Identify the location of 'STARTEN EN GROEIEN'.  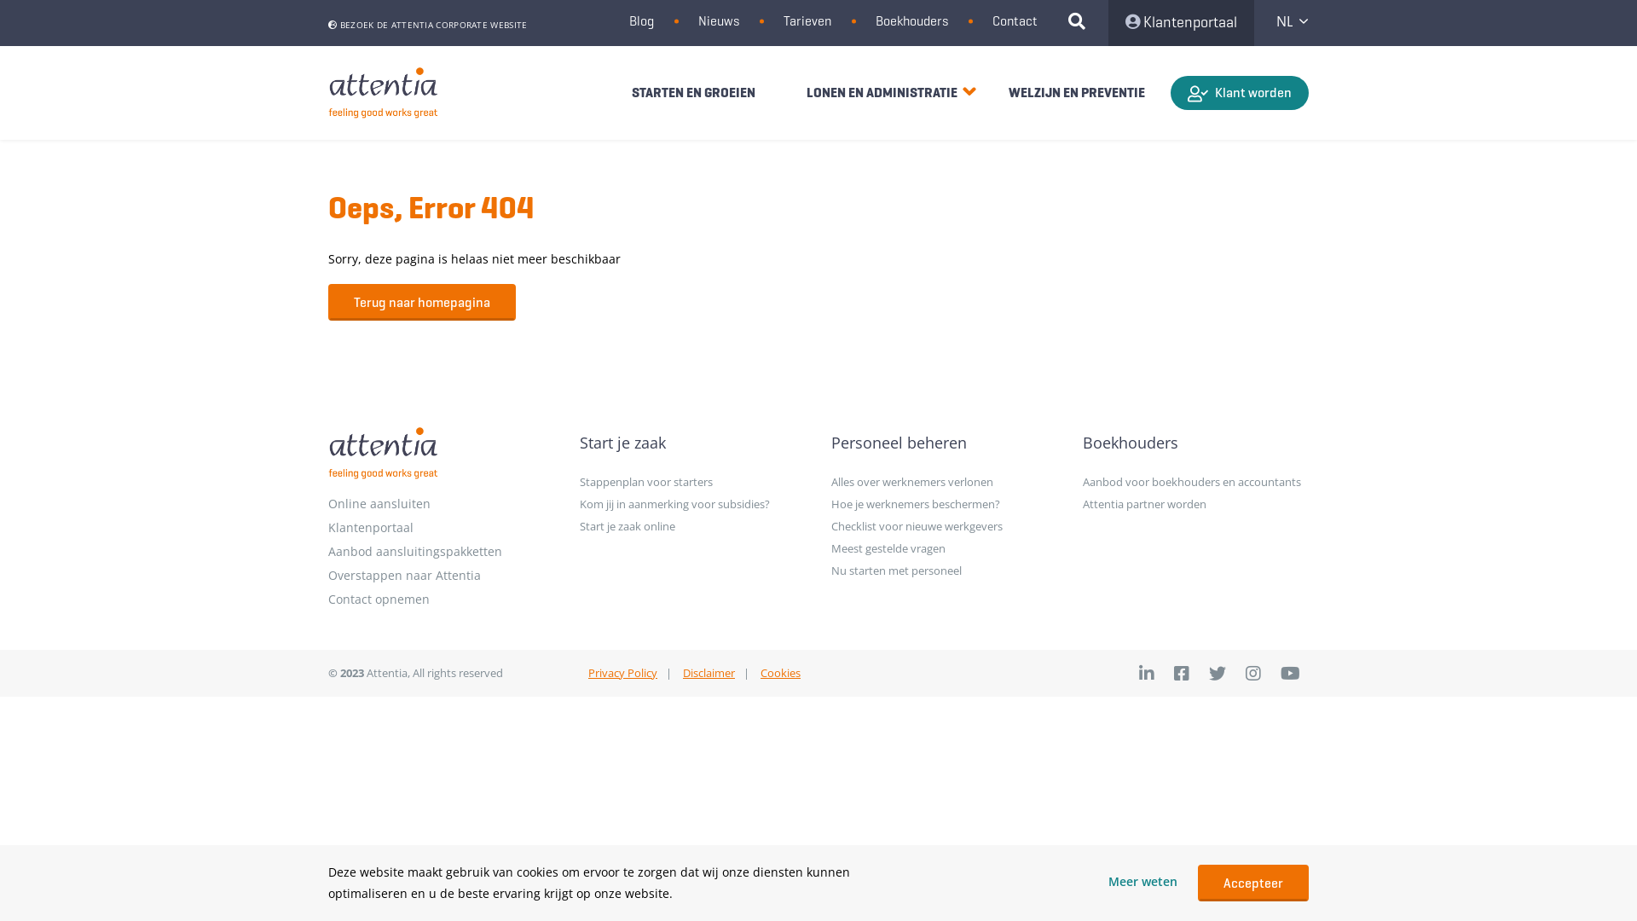
(693, 92).